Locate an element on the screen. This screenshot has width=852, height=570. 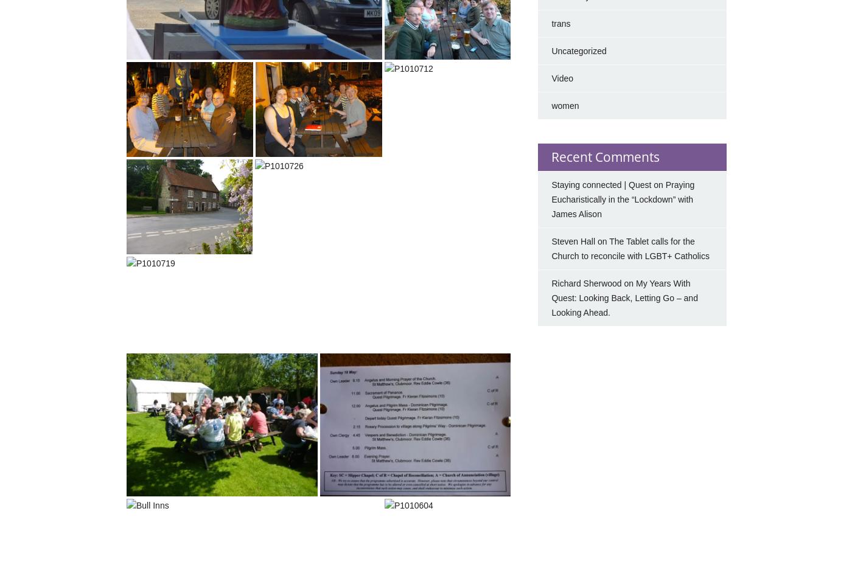
'Praying Eucharistically in the “Lockdown” with James Alison' is located at coordinates (623, 199).